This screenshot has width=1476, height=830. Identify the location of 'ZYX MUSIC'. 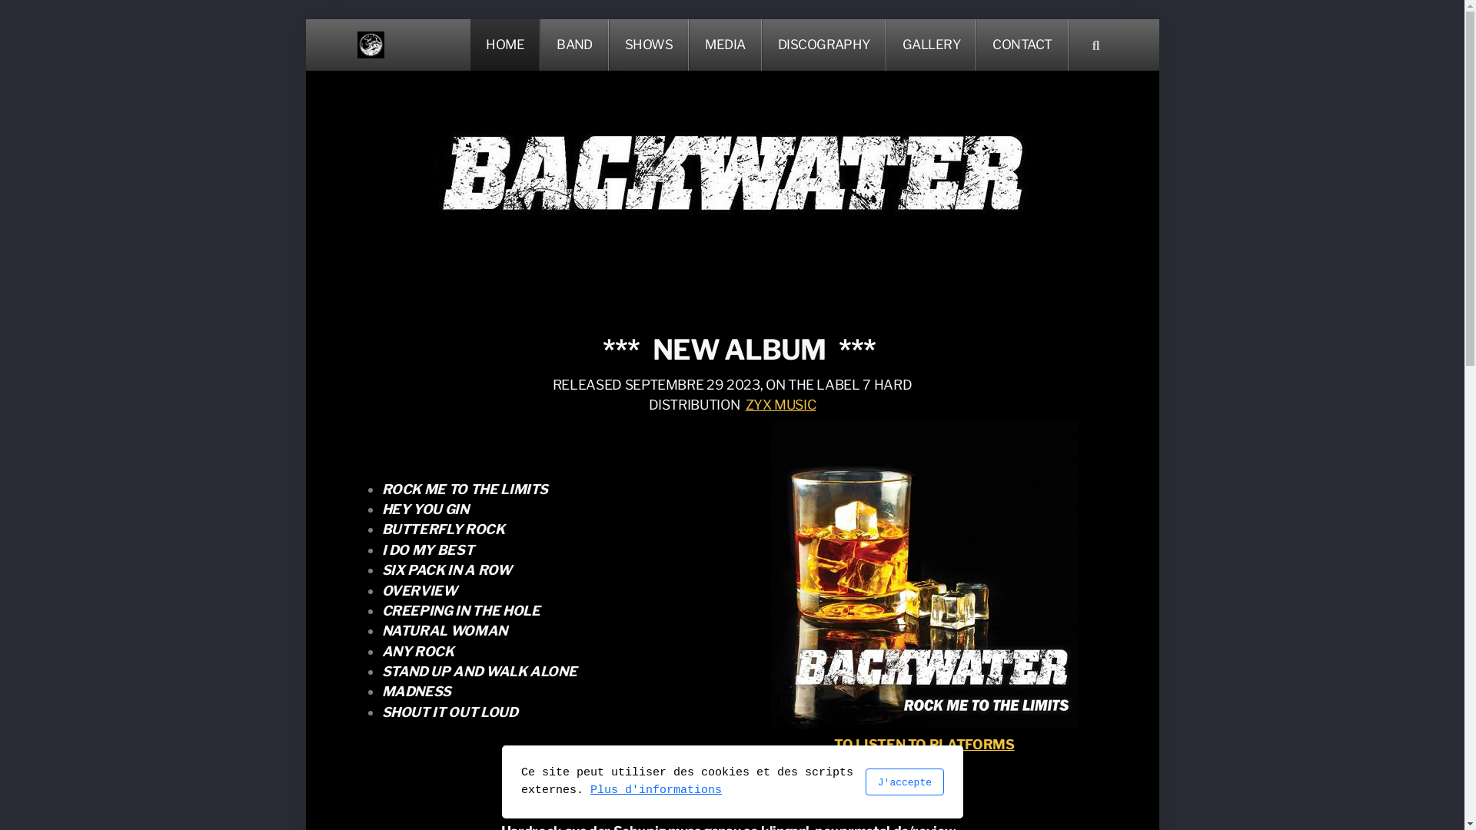
(781, 403).